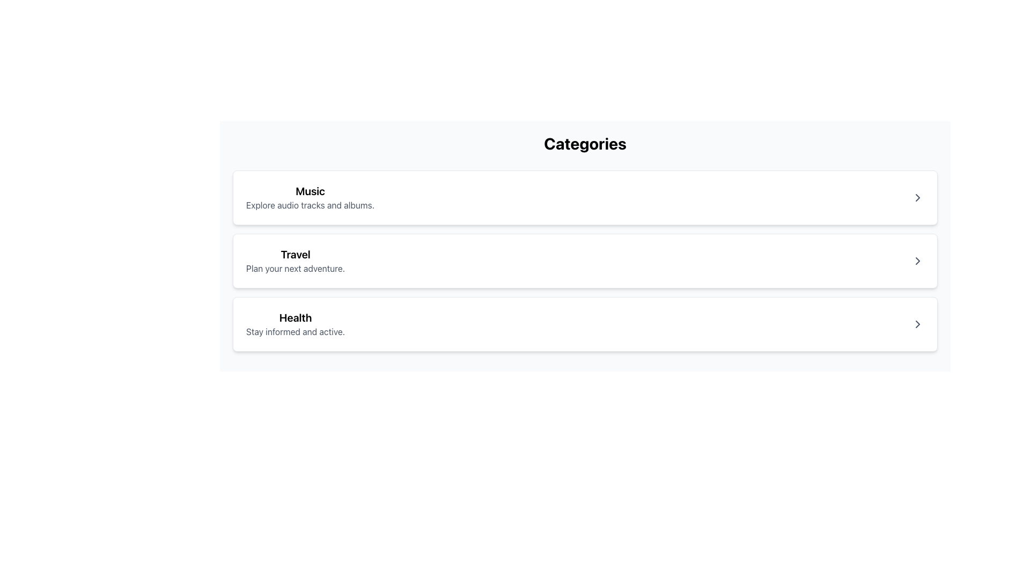 The image size is (1030, 579). Describe the element at coordinates (917, 261) in the screenshot. I see `the rightward-facing chevron icon located at the far-right end of the box labeled 'Travel Plan your next adventure.'` at that location.